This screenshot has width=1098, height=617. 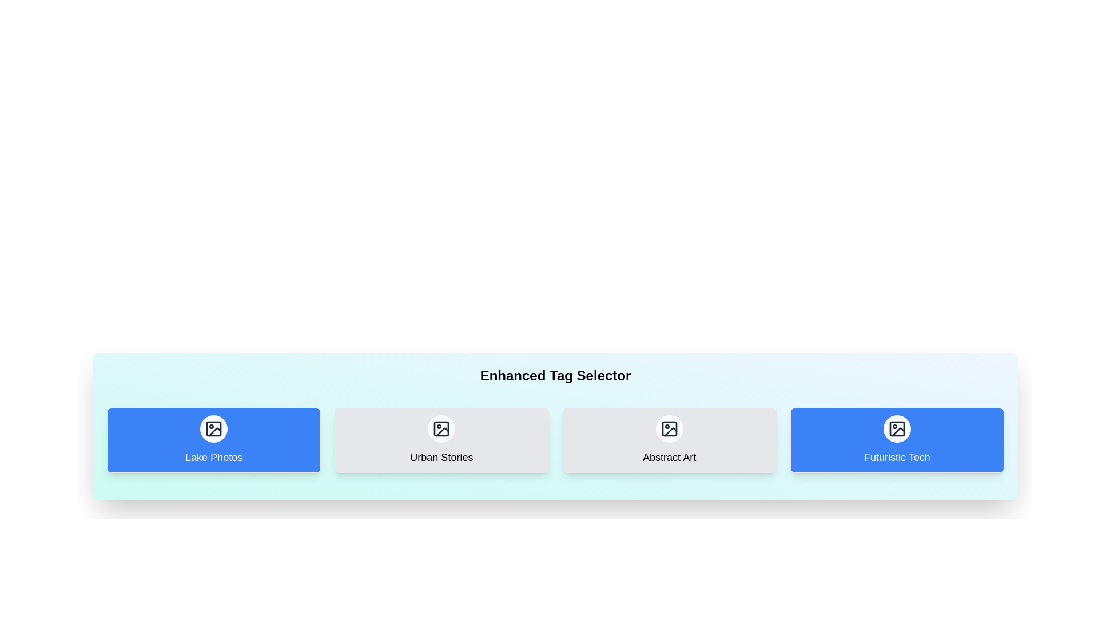 I want to click on the tag identified by Urban Stories, so click(x=441, y=440).